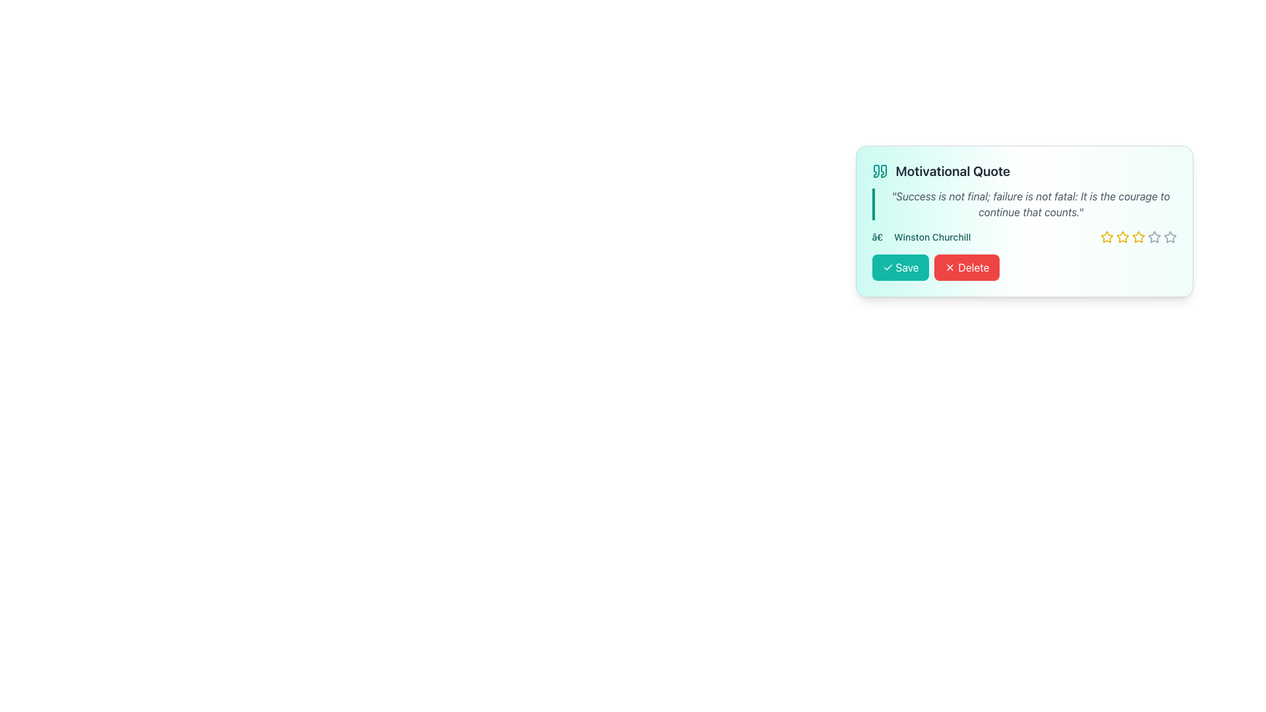  Describe the element at coordinates (920, 236) in the screenshot. I see `the text label reading 'Winston Churchill' styled in teal color, positioned below the quote text and slightly to the left of the star rating component` at that location.